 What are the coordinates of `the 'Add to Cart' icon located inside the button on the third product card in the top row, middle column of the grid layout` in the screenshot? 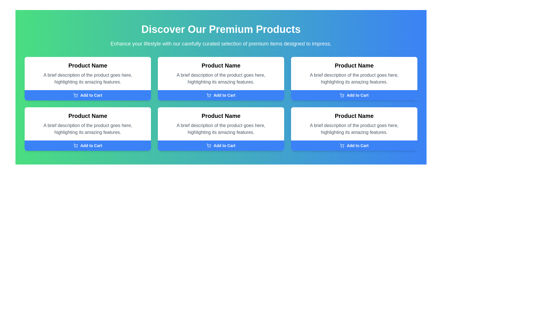 It's located at (209, 95).